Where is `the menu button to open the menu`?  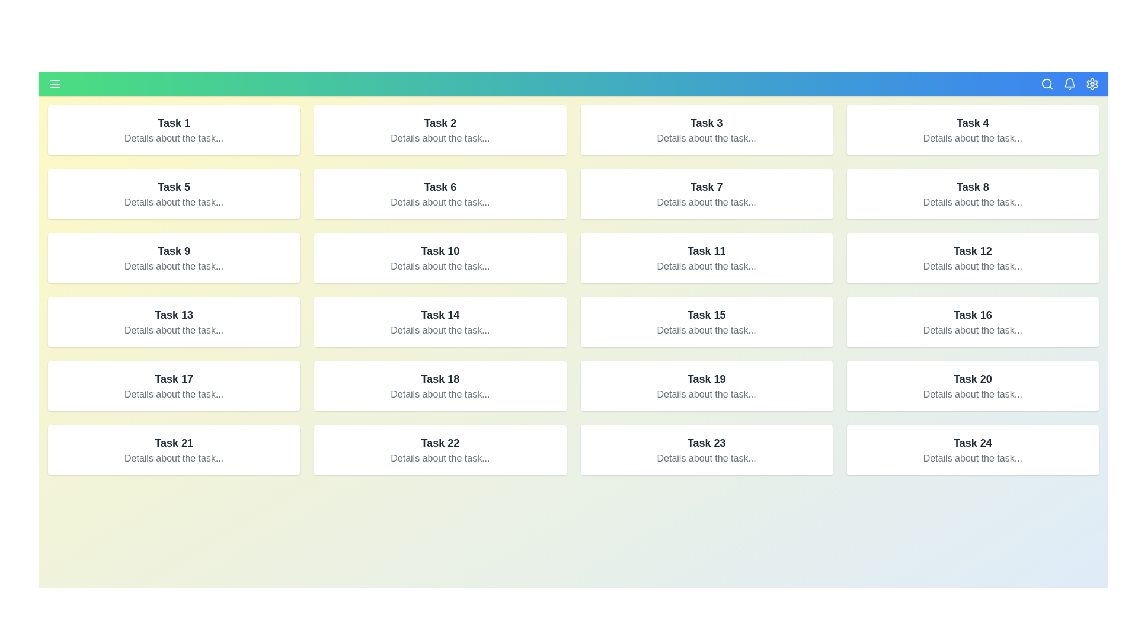 the menu button to open the menu is located at coordinates (54, 84).